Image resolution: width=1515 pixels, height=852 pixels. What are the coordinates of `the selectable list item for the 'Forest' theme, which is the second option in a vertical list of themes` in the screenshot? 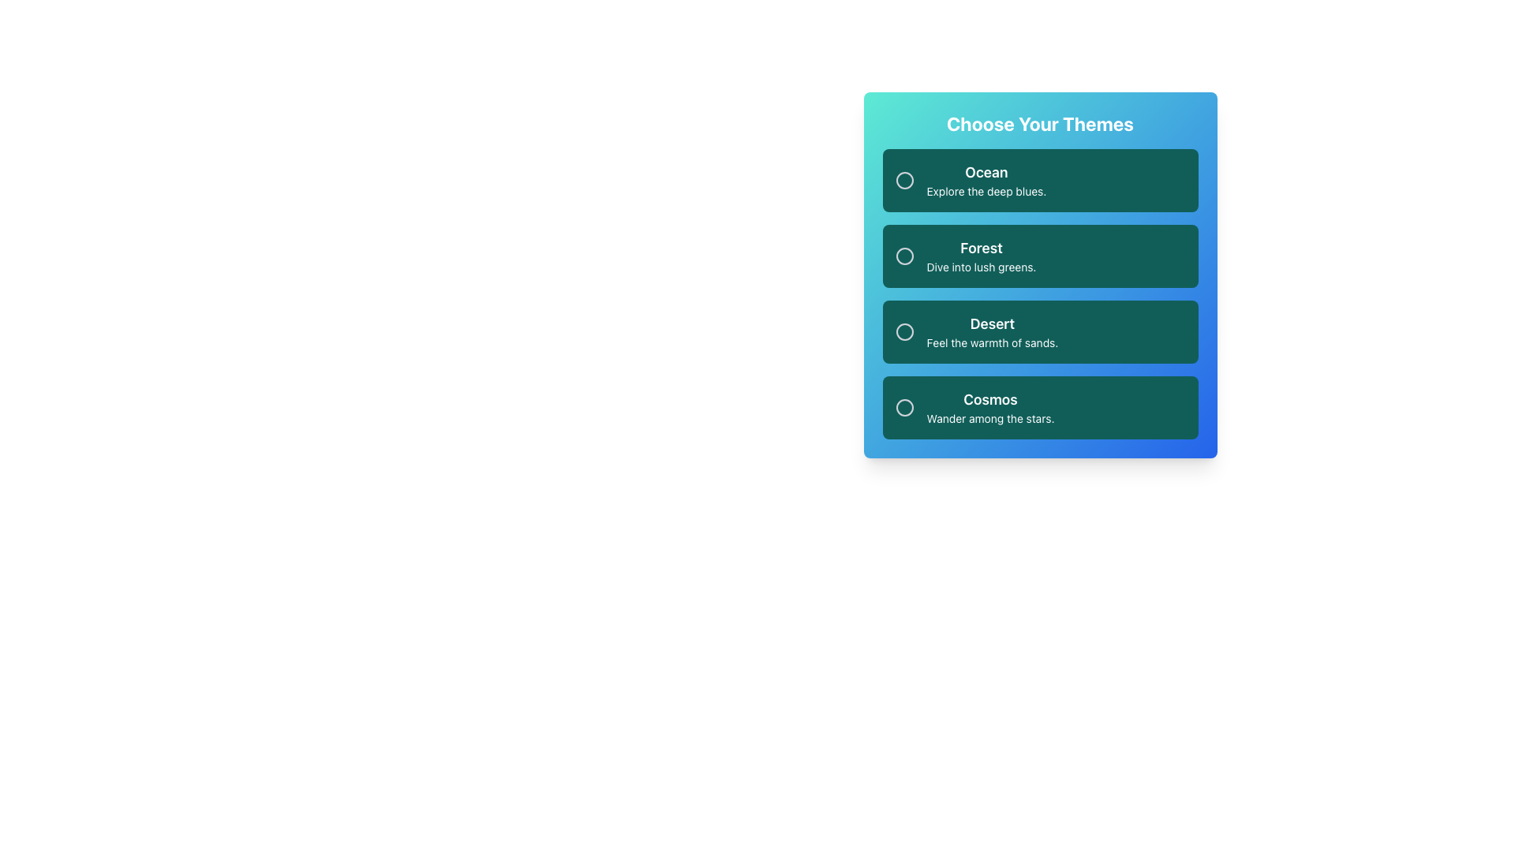 It's located at (1040, 274).